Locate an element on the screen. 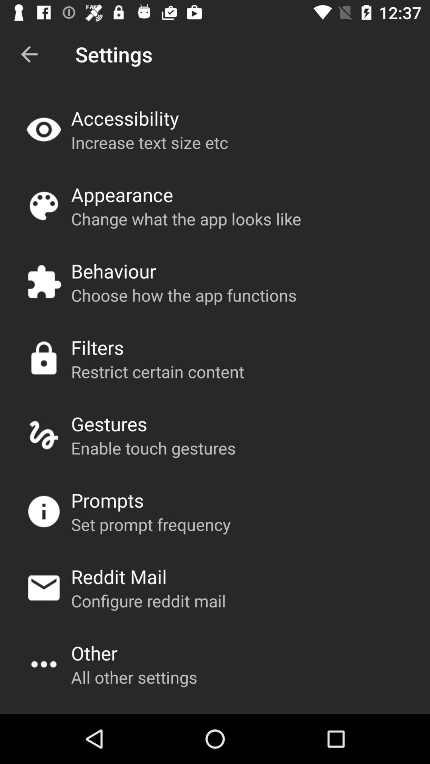 The width and height of the screenshot is (430, 764). app above the reddit mail is located at coordinates (151, 524).